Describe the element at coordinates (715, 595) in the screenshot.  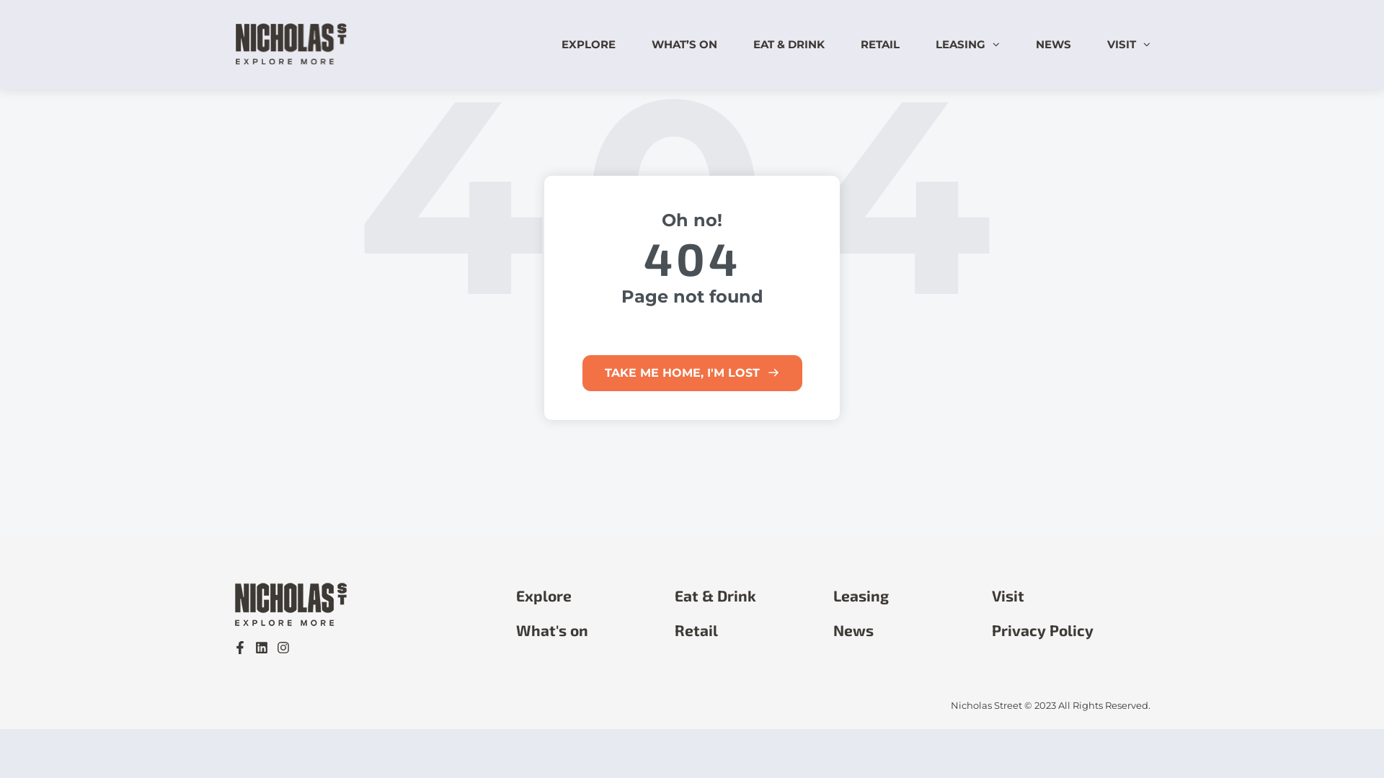
I see `'Eat & Drink'` at that location.